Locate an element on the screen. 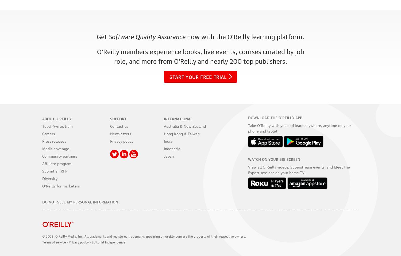 The image size is (401, 256). 'O’Reilly for marketers' is located at coordinates (61, 185).